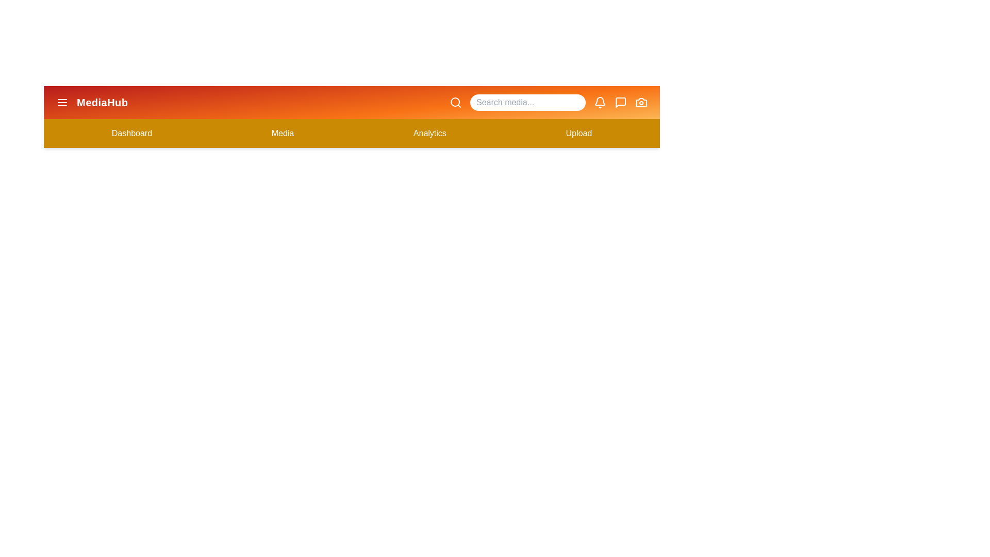 The image size is (990, 557). I want to click on the notification bell icon to interact with it, so click(600, 103).